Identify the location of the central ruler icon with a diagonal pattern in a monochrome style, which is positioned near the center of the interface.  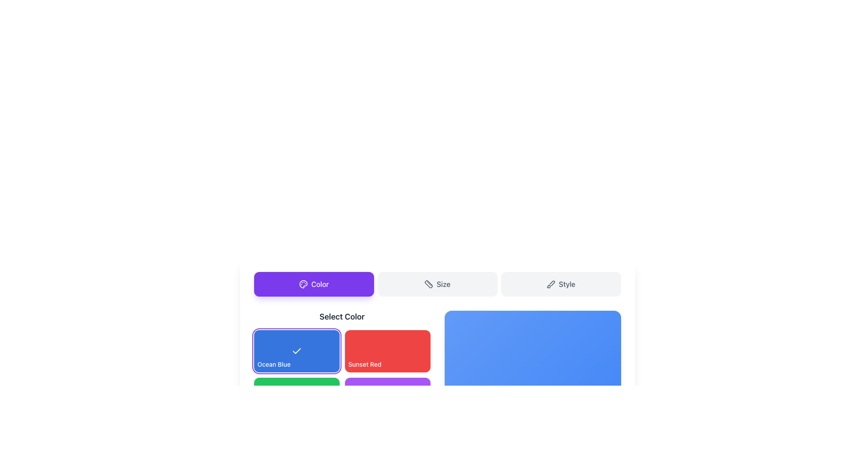
(428, 284).